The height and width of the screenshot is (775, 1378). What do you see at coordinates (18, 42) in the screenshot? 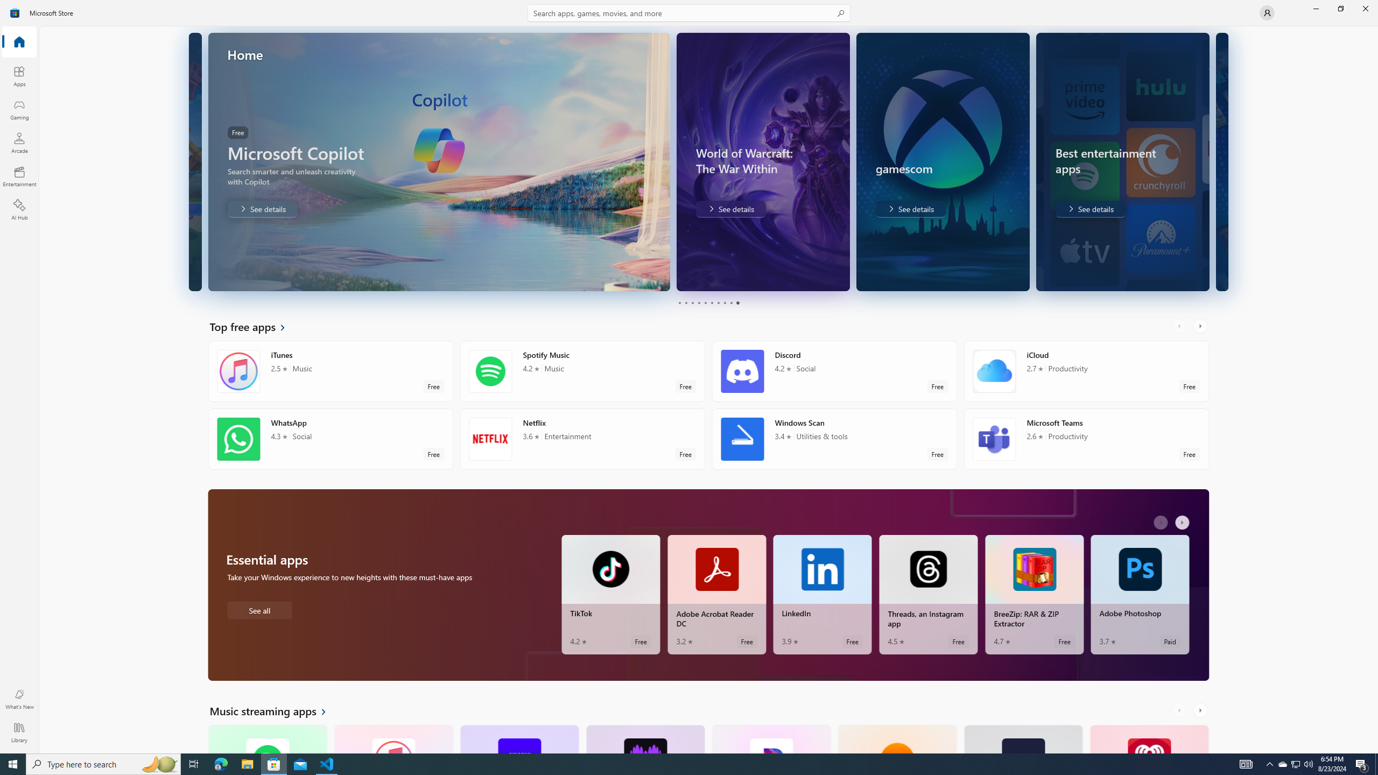
I see `'Home'` at bounding box center [18, 42].